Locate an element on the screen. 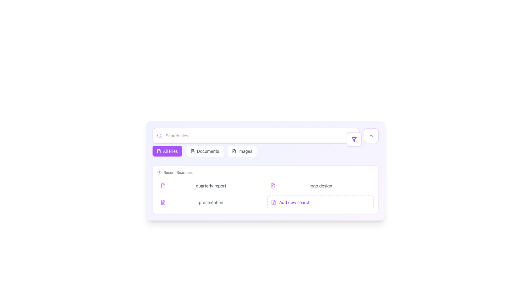 This screenshot has width=512, height=288. the text label reading 'quarterly report' located in the 'Recent Searches' section, positioned between a document icon and a close button is located at coordinates (211, 186).